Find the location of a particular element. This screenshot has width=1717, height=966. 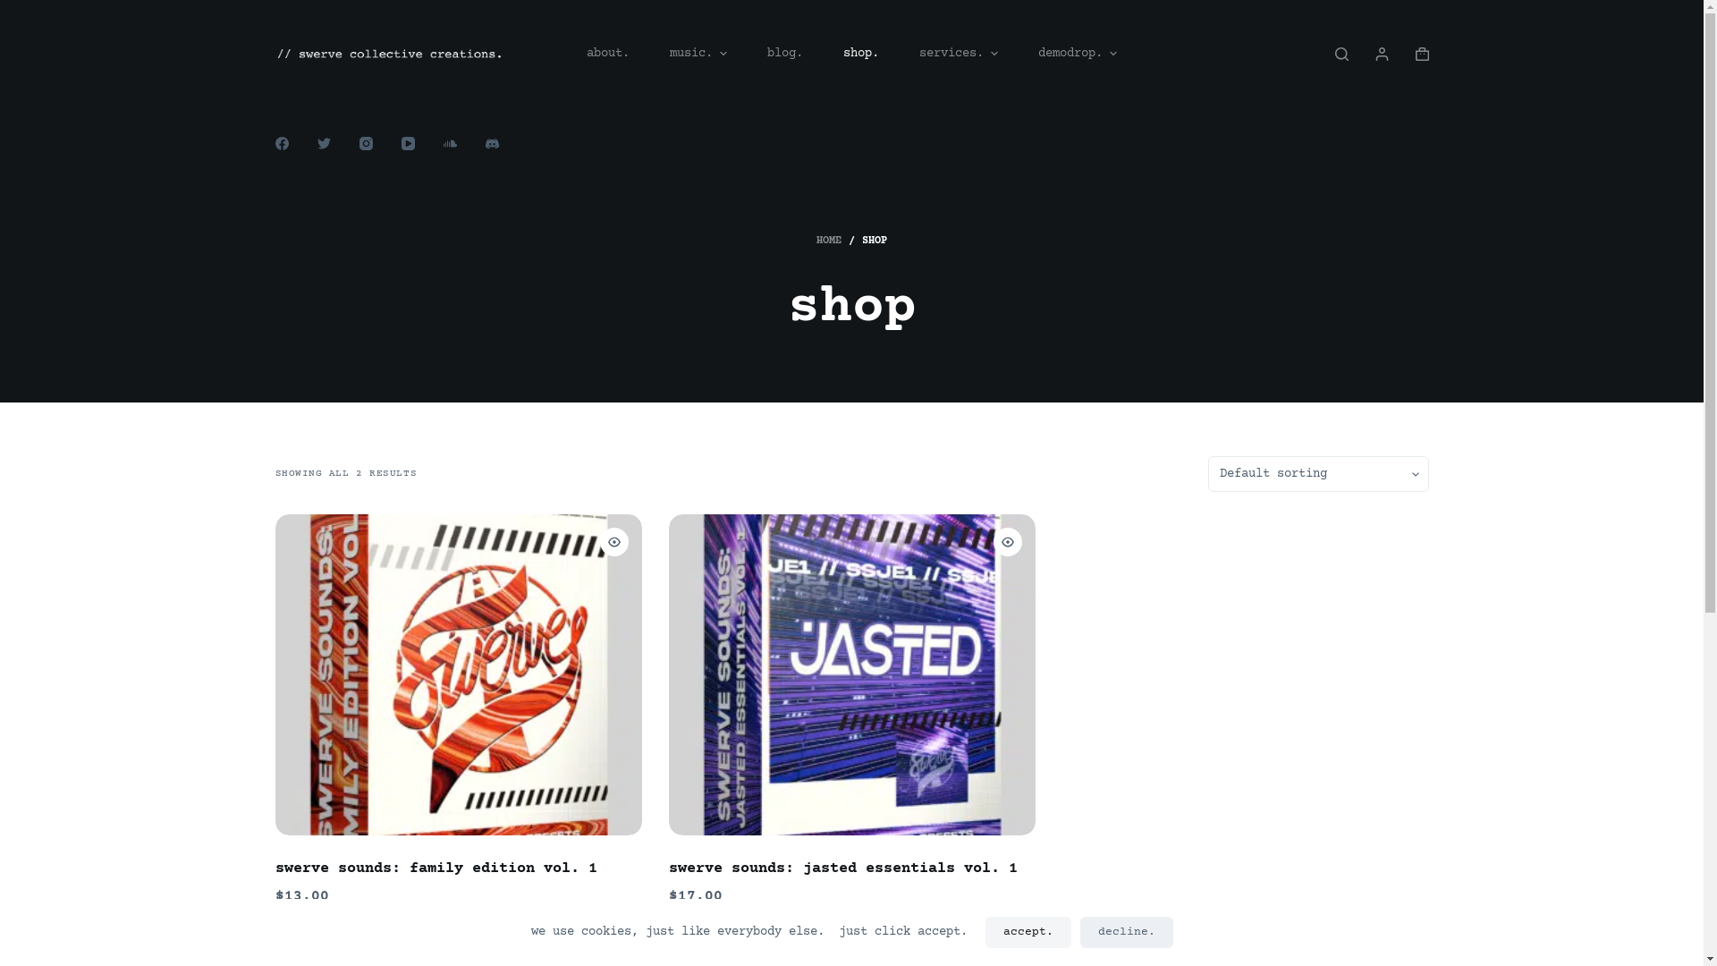

'Skip to content' is located at coordinates (17, 9).